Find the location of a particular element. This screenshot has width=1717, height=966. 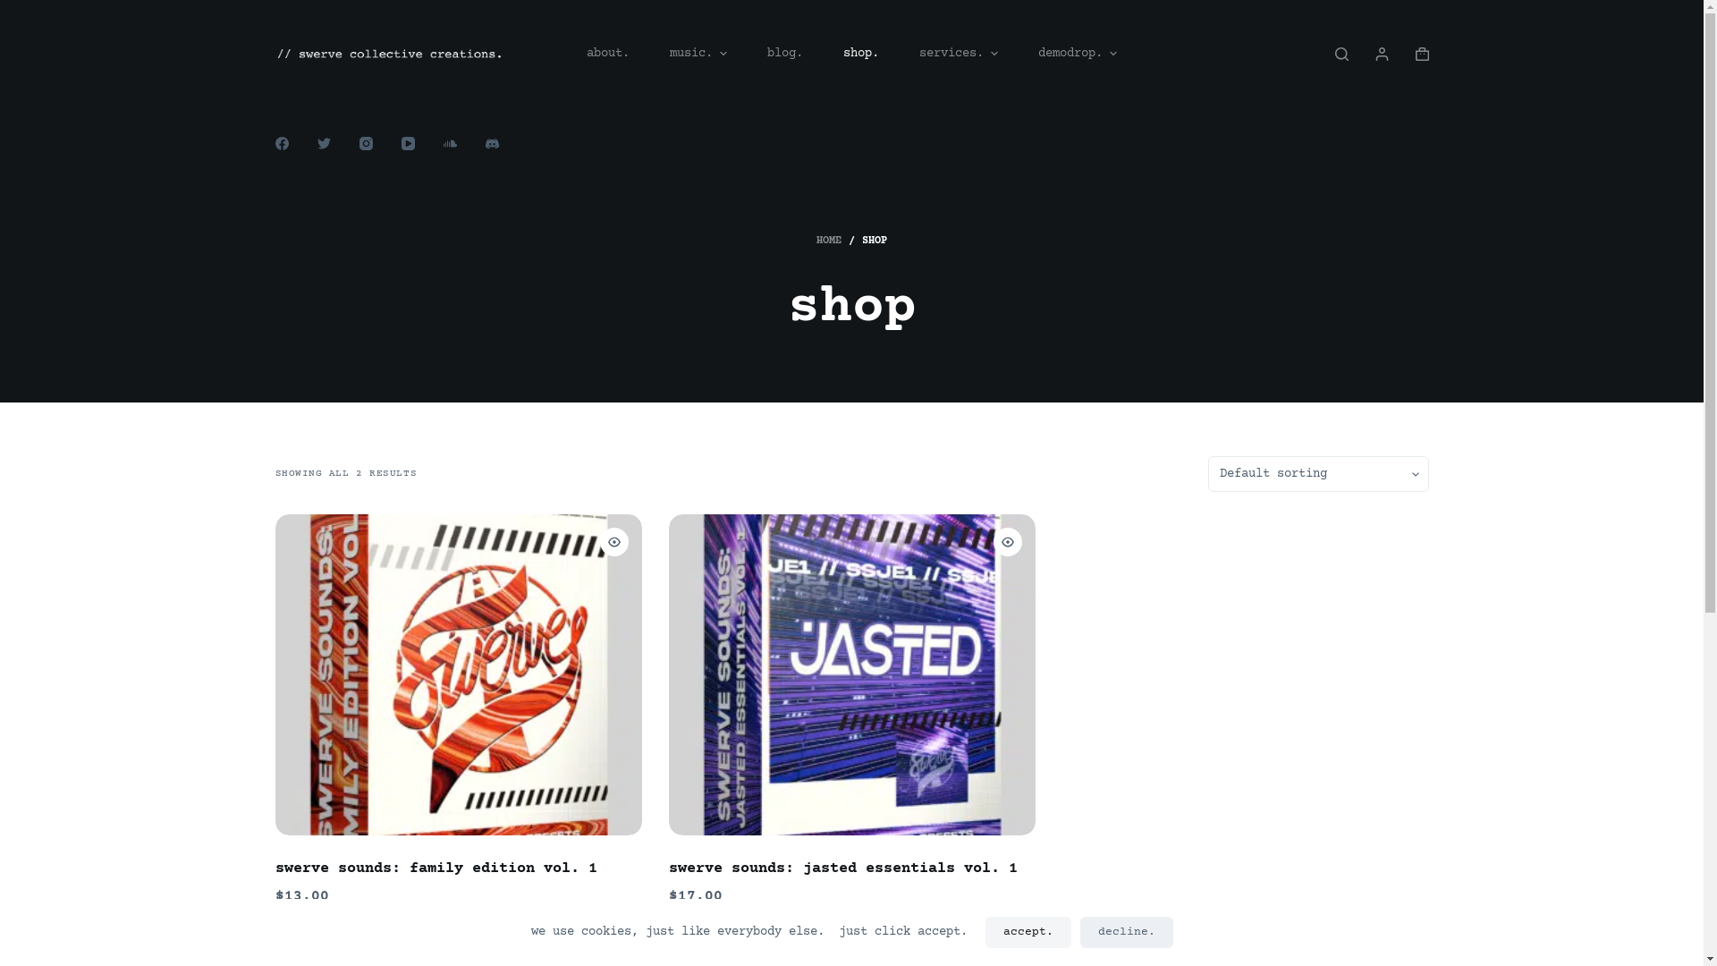

'Skip to content' is located at coordinates (17, 9).